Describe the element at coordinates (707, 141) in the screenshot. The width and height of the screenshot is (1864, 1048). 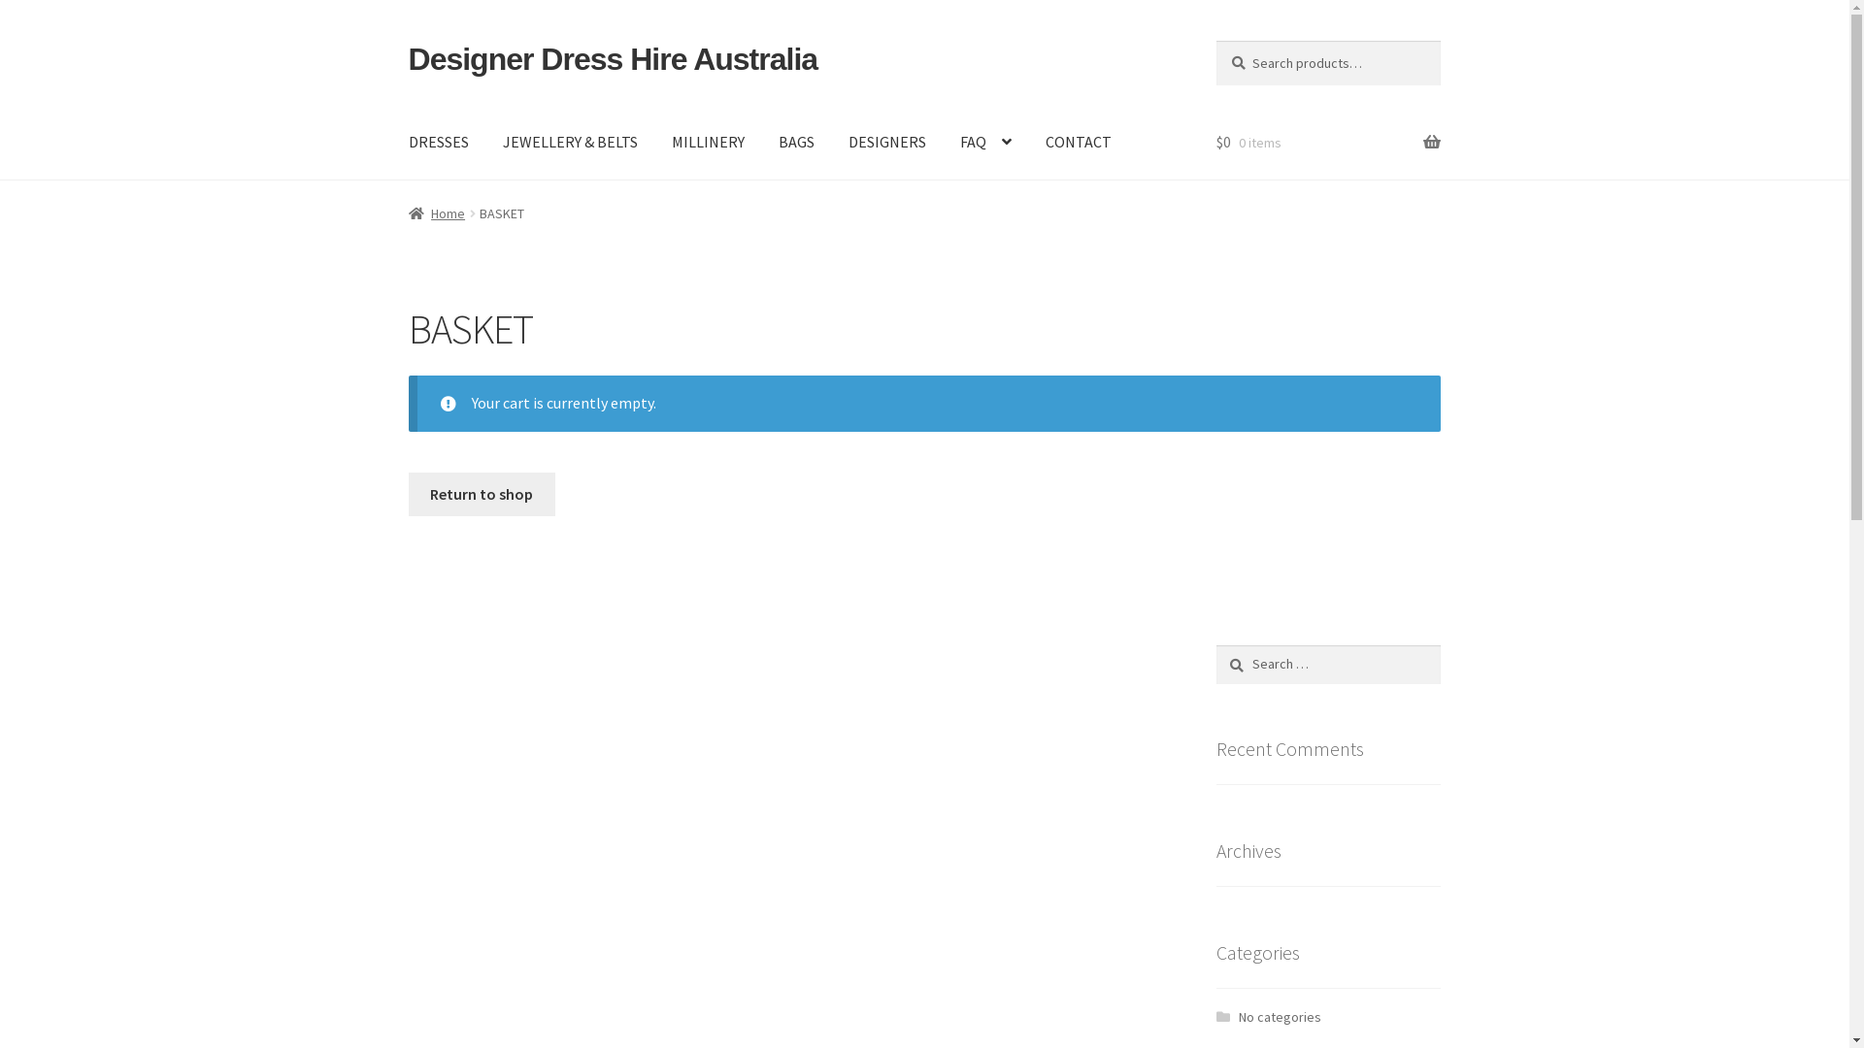
I see `'MILLINERY'` at that location.